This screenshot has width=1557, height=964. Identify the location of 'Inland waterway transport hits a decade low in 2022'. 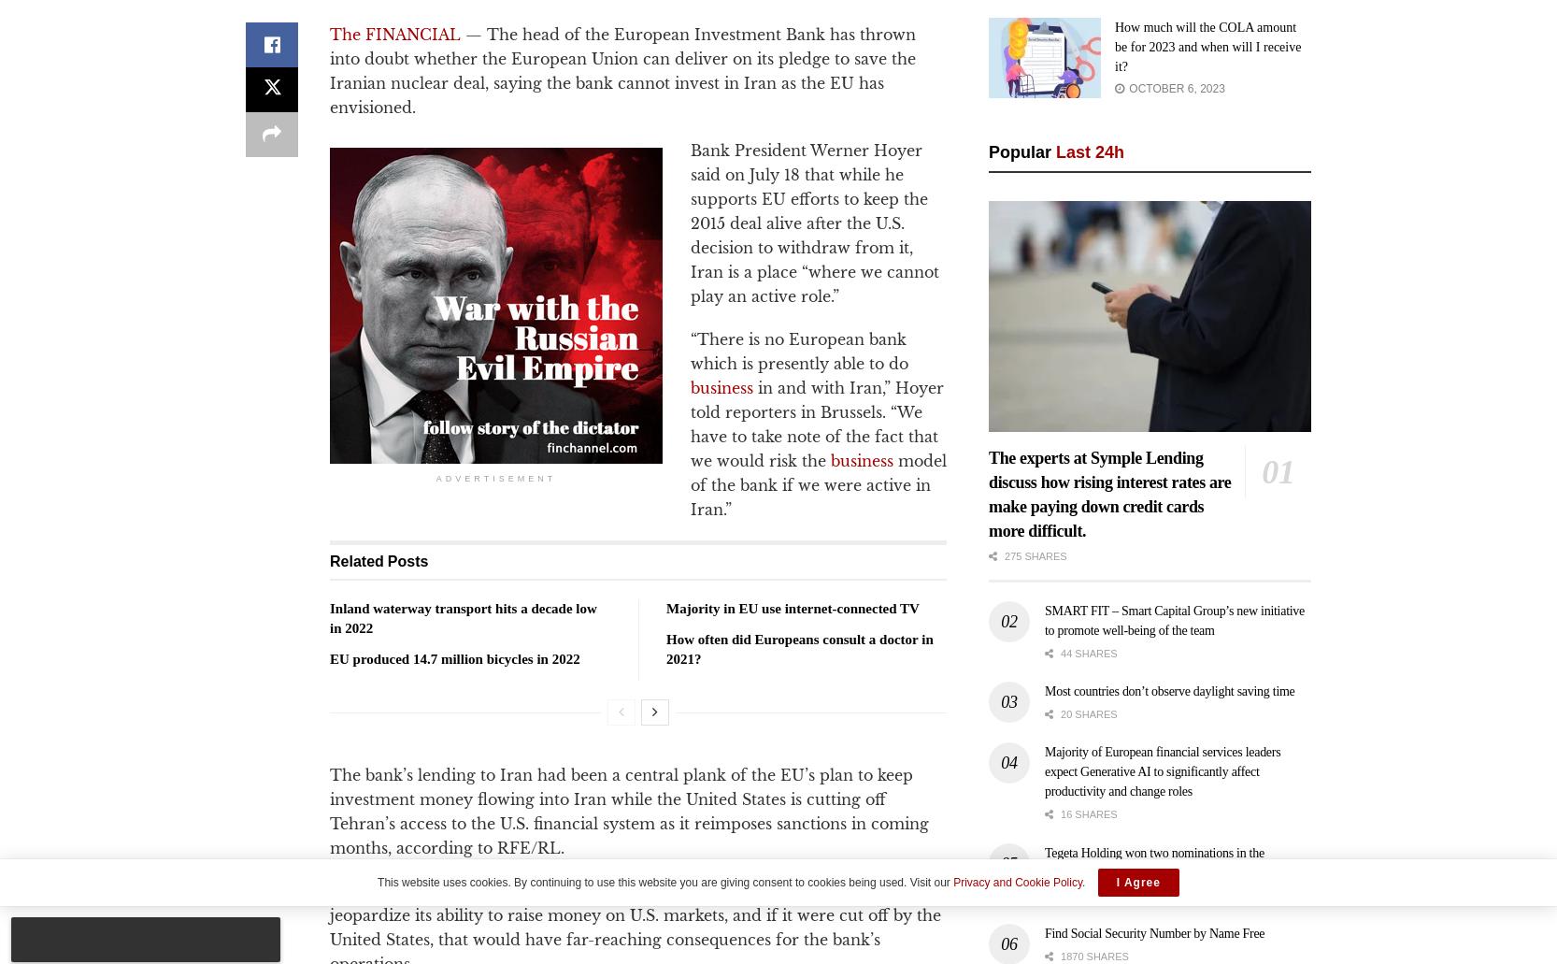
(463, 617).